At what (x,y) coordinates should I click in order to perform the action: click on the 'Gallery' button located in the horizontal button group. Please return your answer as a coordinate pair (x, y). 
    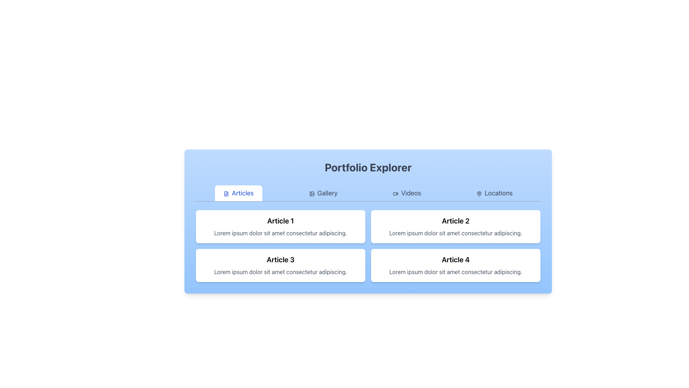
    Looking at the image, I should click on (323, 193).